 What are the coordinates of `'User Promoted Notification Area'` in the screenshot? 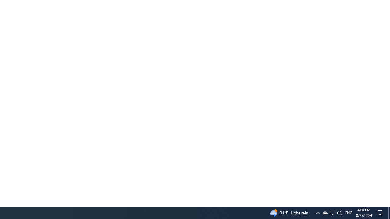 It's located at (332, 212).